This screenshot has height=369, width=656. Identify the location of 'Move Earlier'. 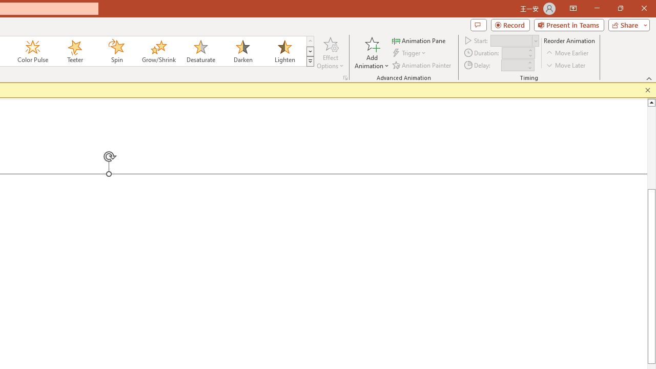
(567, 53).